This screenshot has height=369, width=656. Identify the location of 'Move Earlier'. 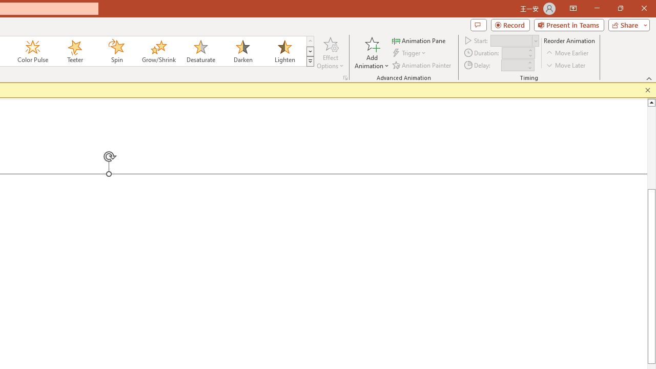
(567, 53).